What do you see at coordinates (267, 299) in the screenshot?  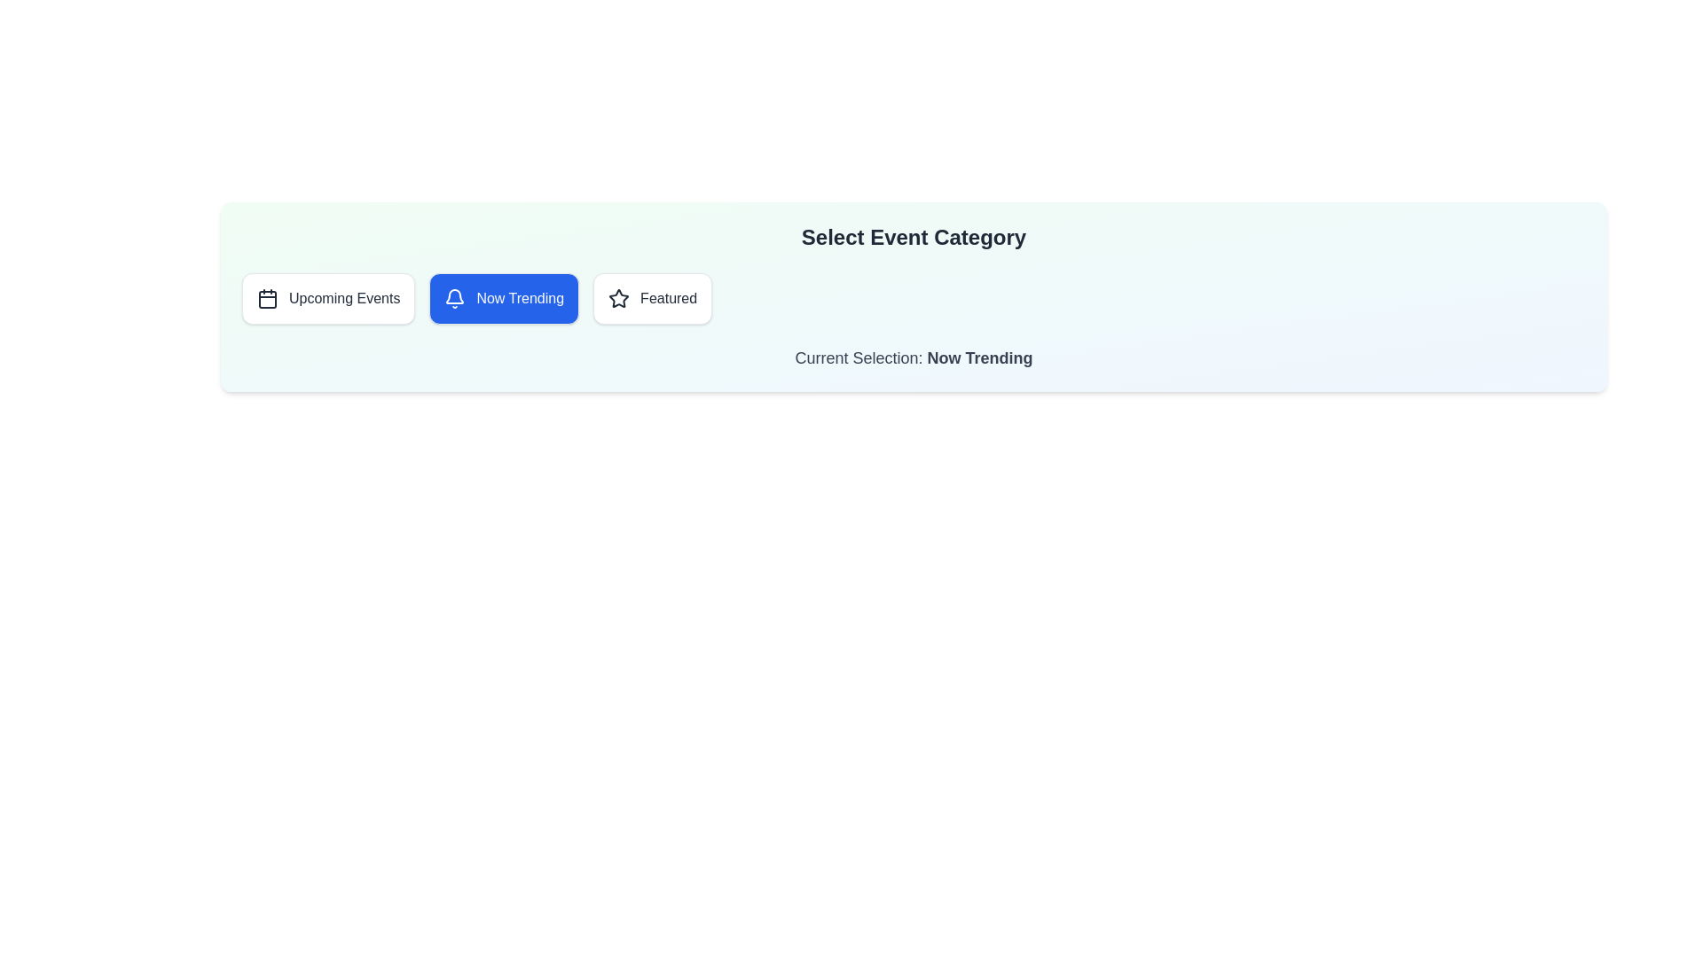 I see `the SVG rectangle that is part of the calendar icon, which is centered within the calendar icon in a selection bar at the top of the interface` at bounding box center [267, 299].